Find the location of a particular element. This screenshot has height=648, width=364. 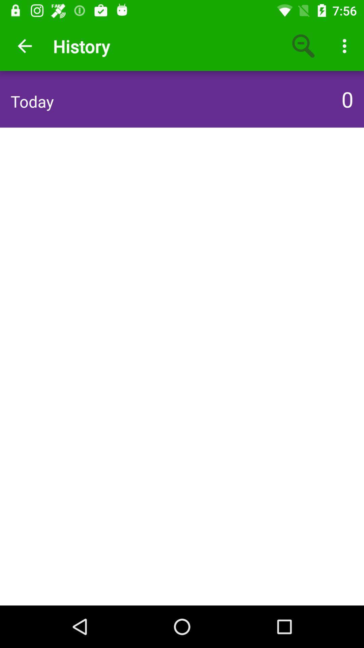

item to the right of today icon is located at coordinates (345, 99).